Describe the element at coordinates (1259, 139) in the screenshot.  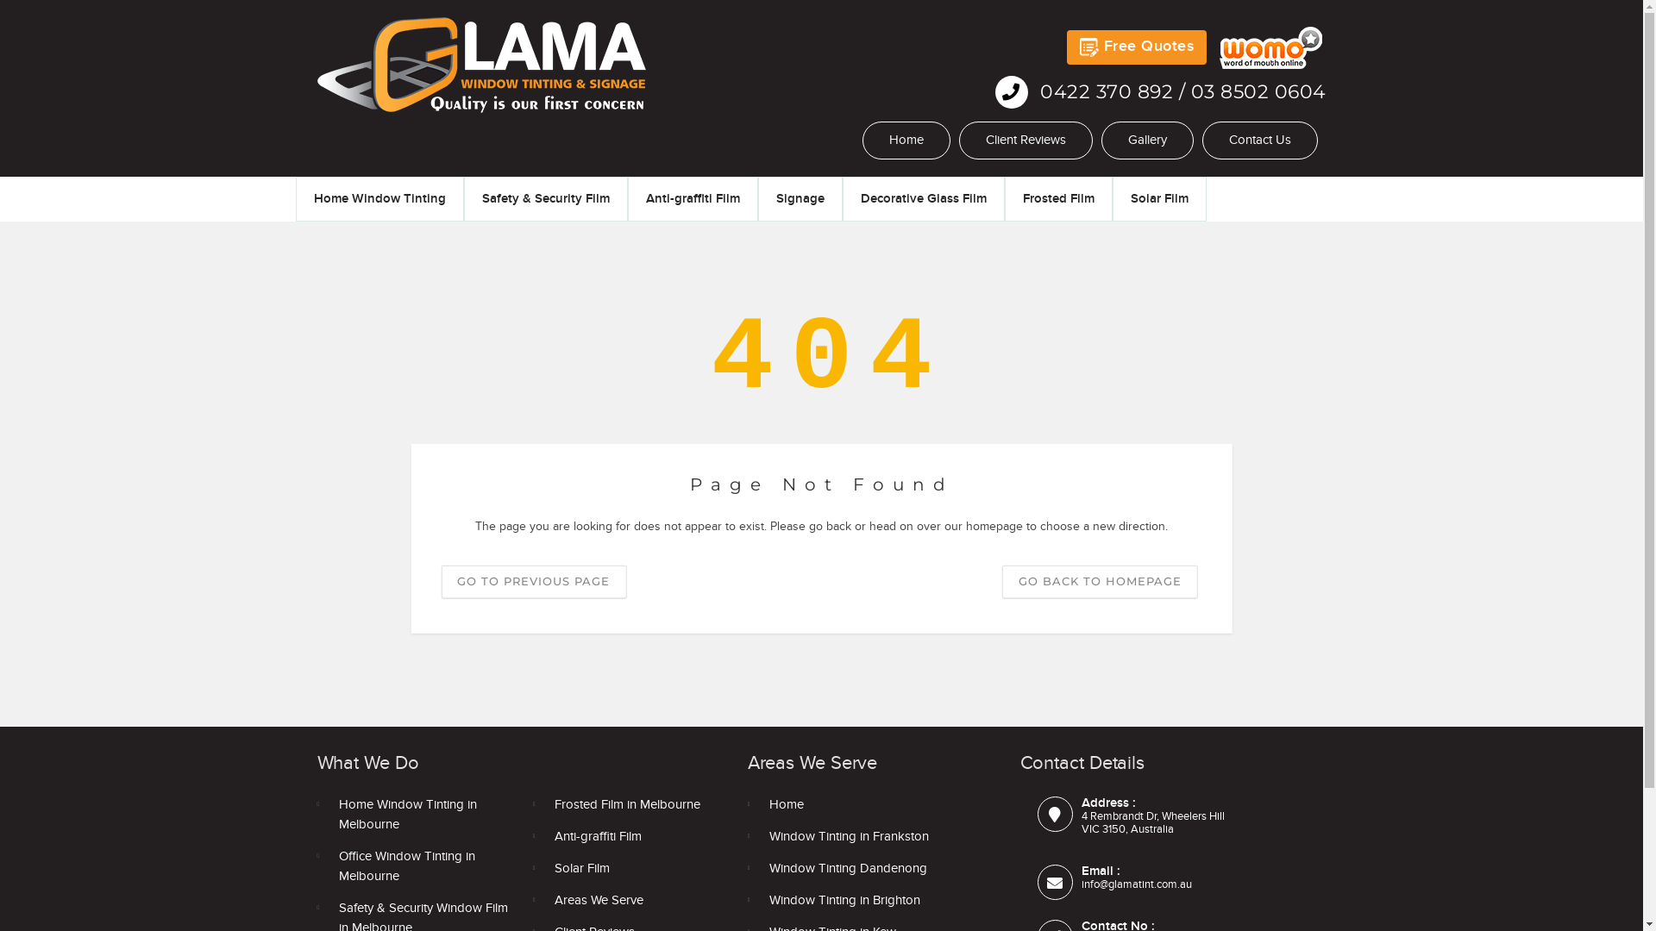
I see `'Contact Us'` at that location.